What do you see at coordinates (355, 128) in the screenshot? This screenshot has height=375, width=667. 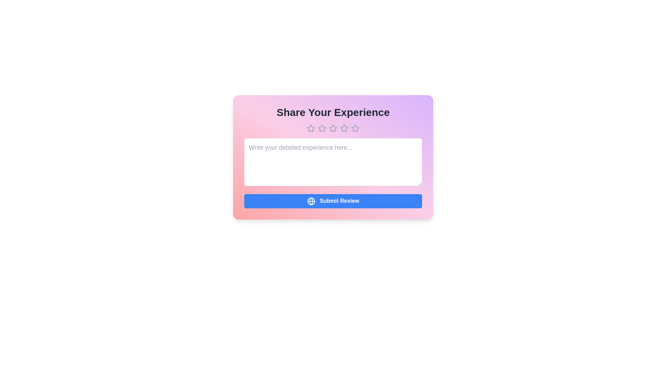 I see `the star corresponding to 5 stars to preview the rating` at bounding box center [355, 128].